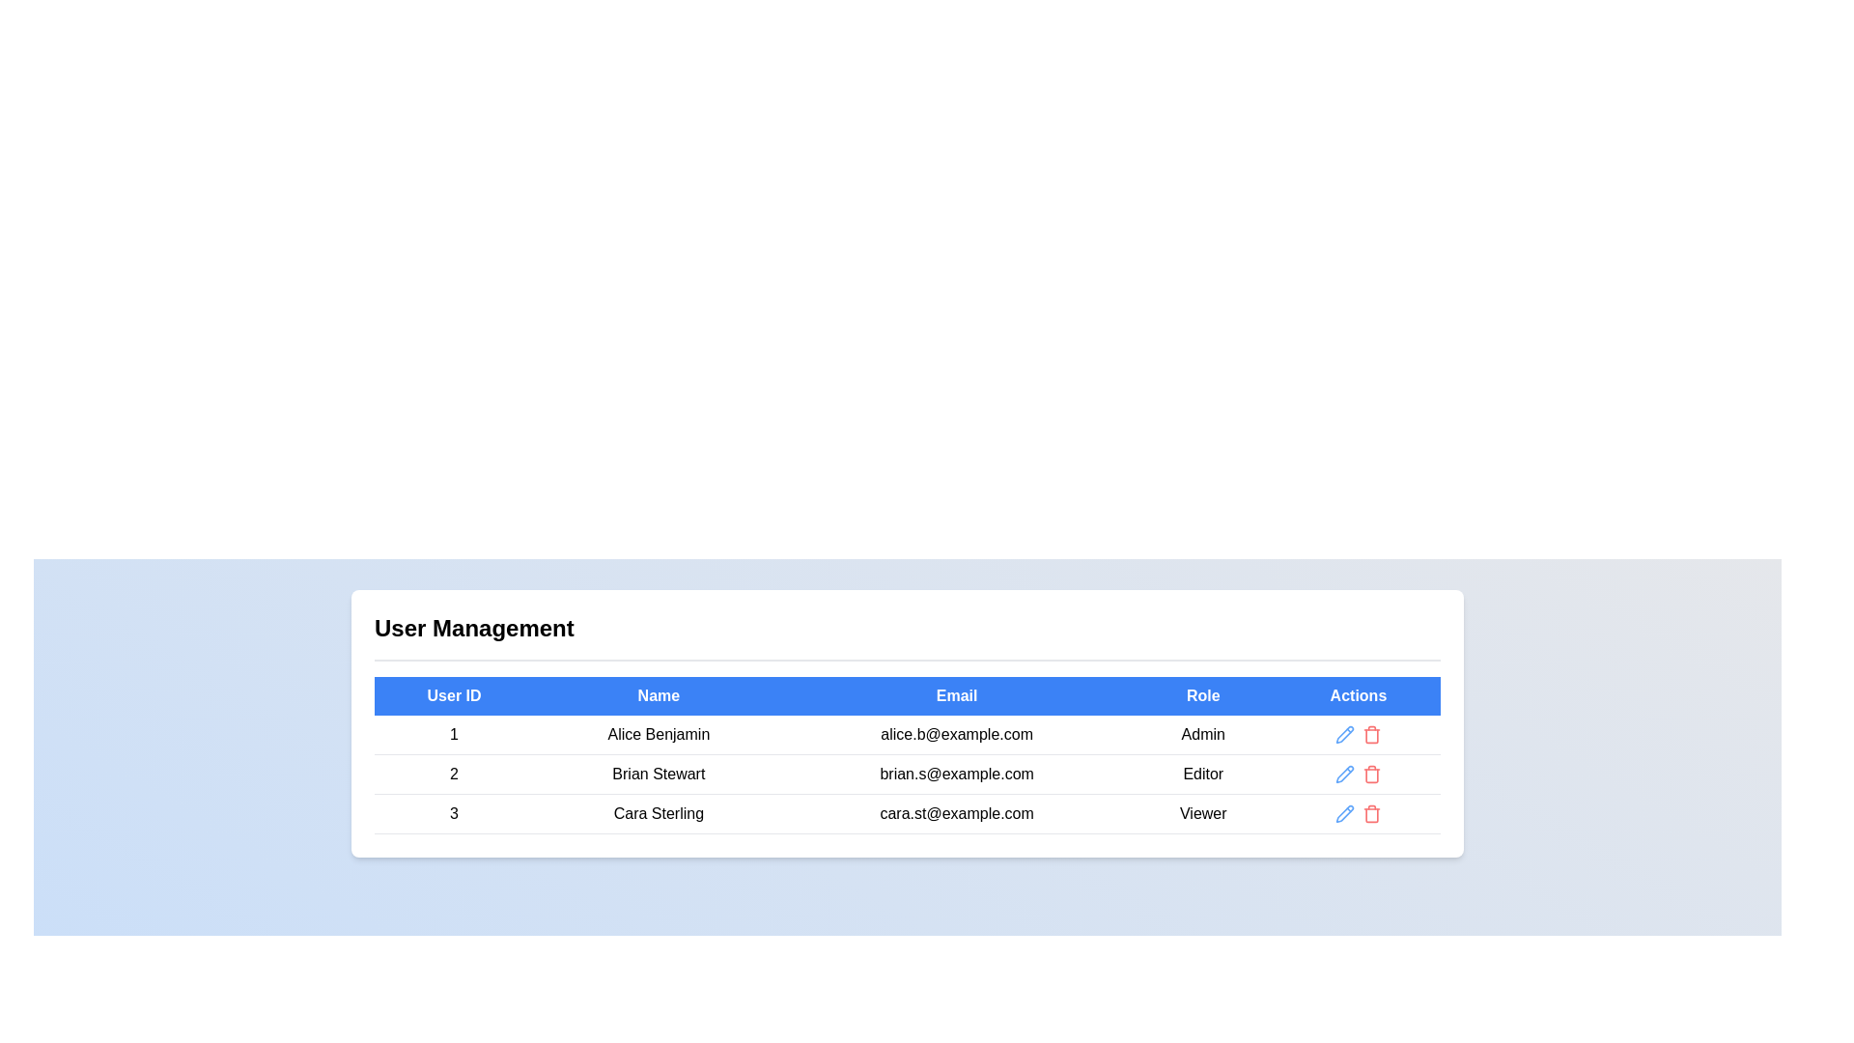 The width and height of the screenshot is (1854, 1043). I want to click on the blue pencil icon button in the last row of the 'Actions' column under the 'User Management' section, so click(1343, 814).